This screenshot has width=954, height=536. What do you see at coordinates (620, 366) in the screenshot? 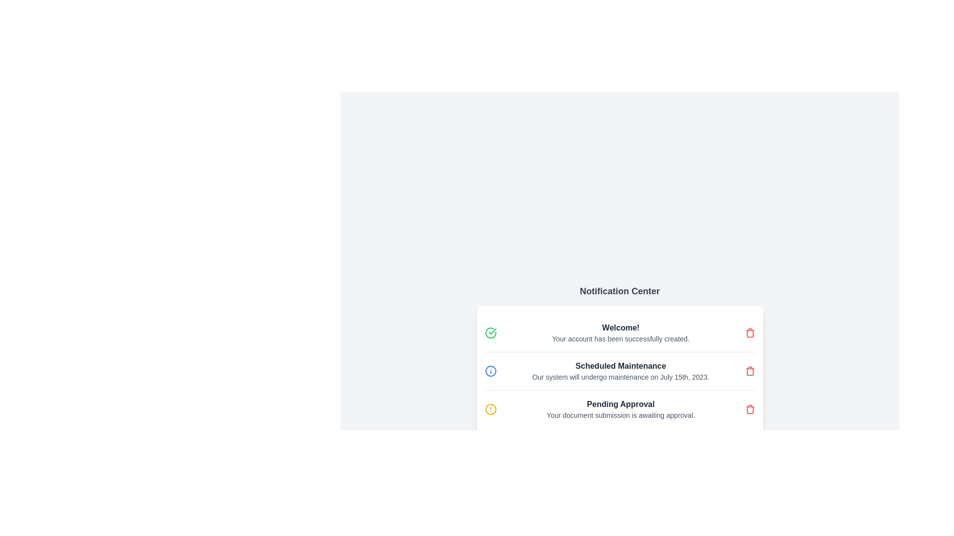
I see `the Text Label that serves as a heading for the notification, which is centered within the notification card and positioned above the text 'Our system will undergo maintenance on July 15th, 2023.'` at bounding box center [620, 366].